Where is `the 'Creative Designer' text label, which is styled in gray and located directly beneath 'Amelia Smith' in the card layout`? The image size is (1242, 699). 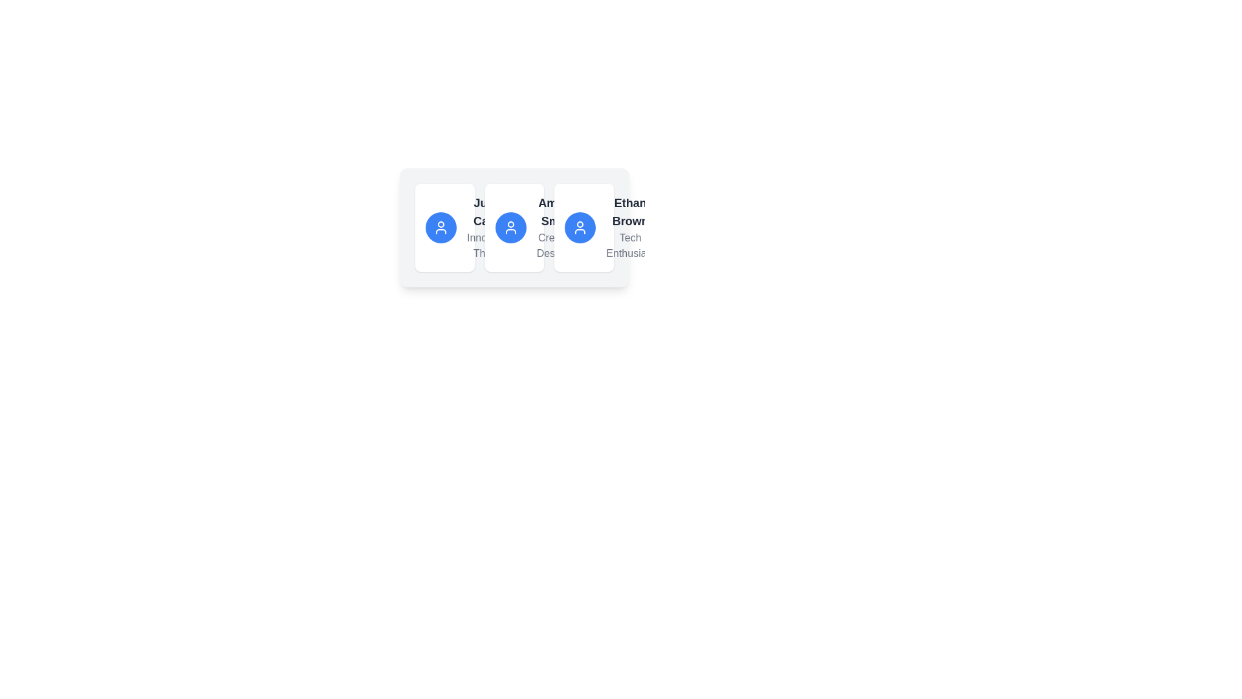 the 'Creative Designer' text label, which is styled in gray and located directly beneath 'Amelia Smith' in the card layout is located at coordinates (557, 246).